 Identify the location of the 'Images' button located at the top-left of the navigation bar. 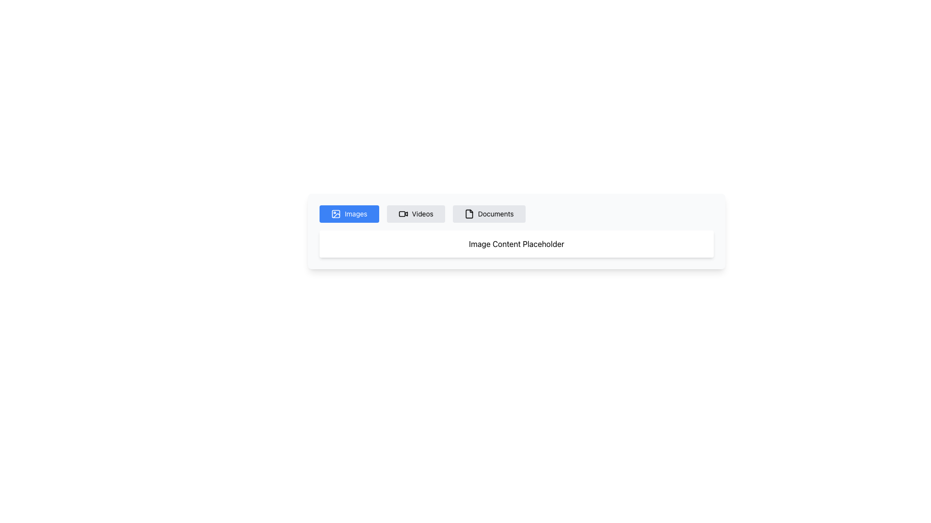
(336, 214).